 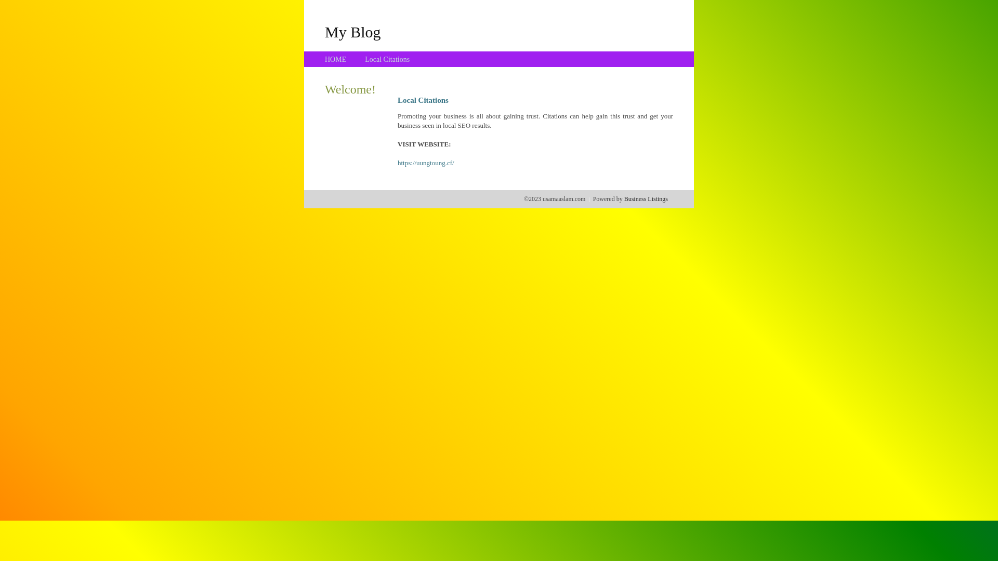 What do you see at coordinates (624, 198) in the screenshot?
I see `'Business Listings'` at bounding box center [624, 198].